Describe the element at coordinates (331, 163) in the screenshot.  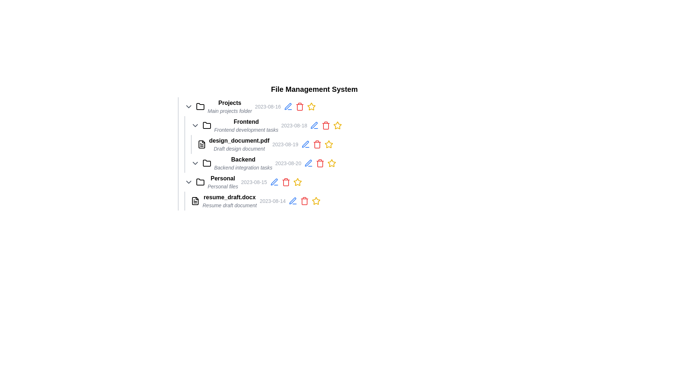
I see `the star icon button, which is yellow with a glowing appearance, located at the far-right end of the row with the 'Backend integration tasks' item, to mark the item as favorite` at that location.